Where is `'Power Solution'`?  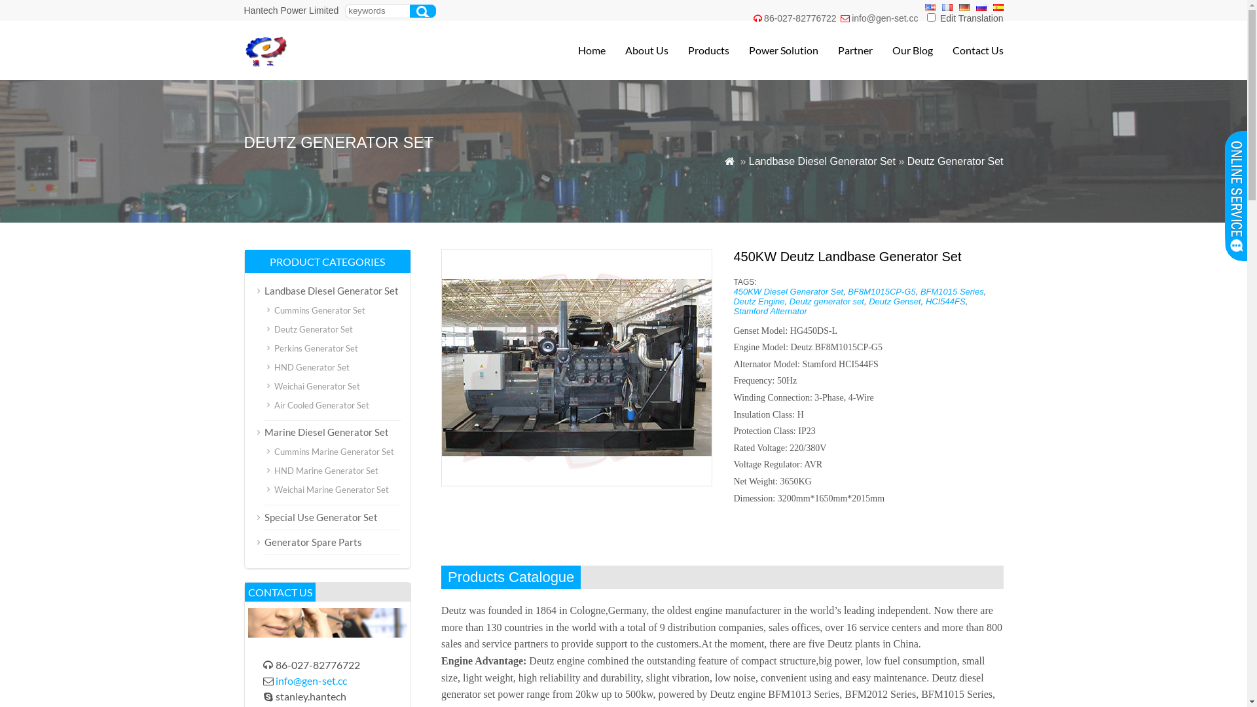
'Power Solution' is located at coordinates (728, 50).